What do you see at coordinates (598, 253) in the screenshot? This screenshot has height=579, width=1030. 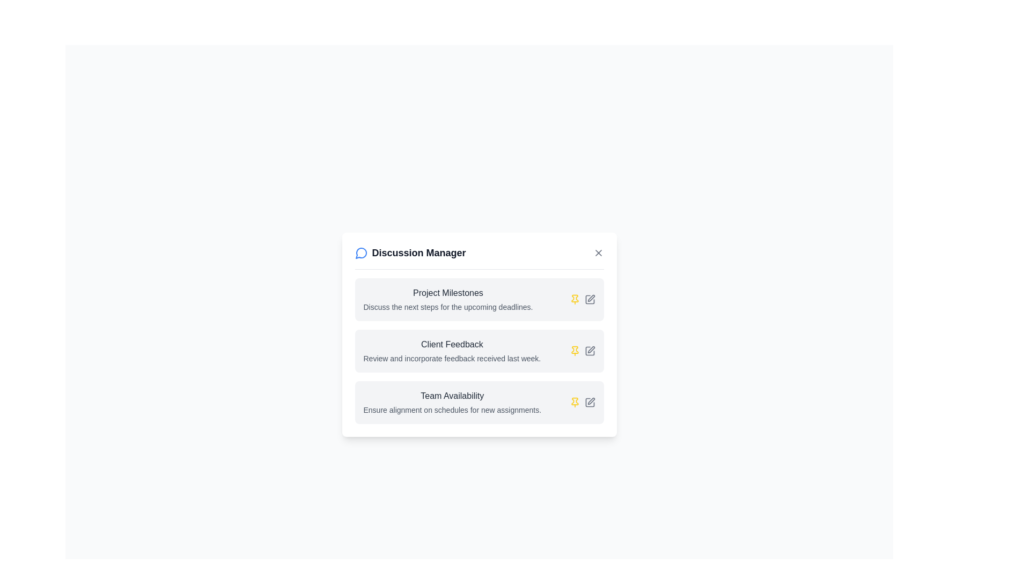 I see `the close button located at the top right corner of the 'Discussion Manager' section to change its color` at bounding box center [598, 253].